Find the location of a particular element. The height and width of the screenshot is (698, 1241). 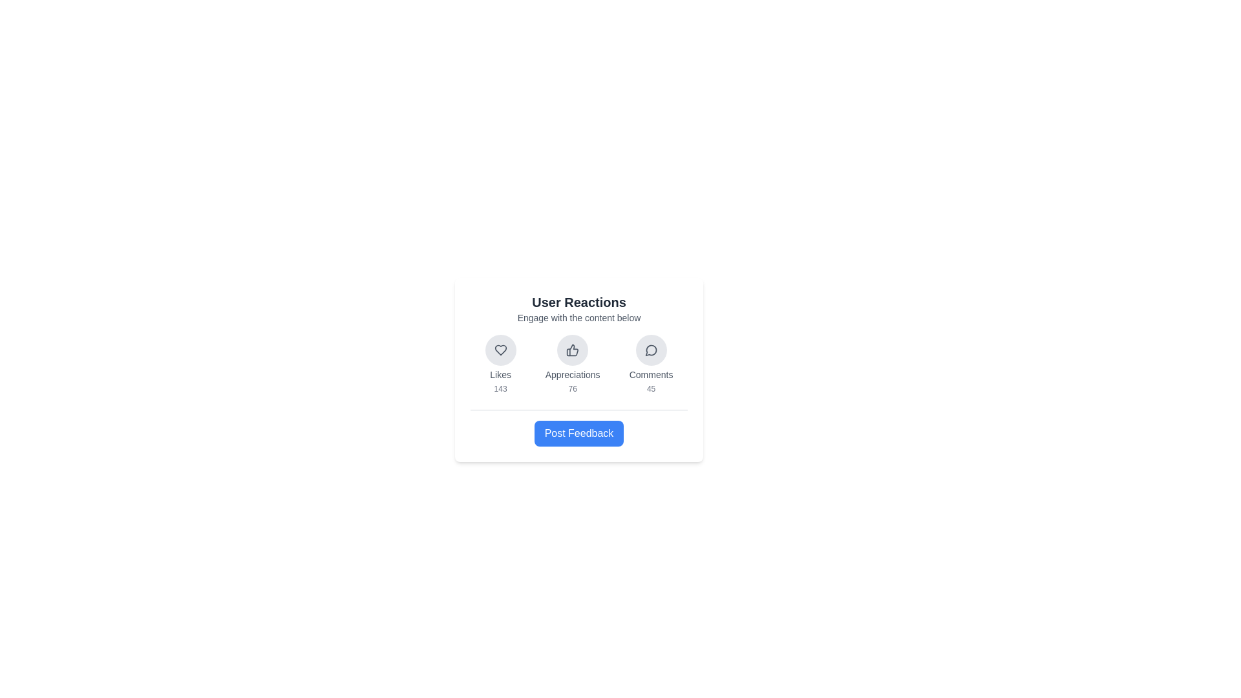

the 'Comments' text label, which is located at the bottom of a vertical stack in the 'Comments' interaction section, between a comment icon above and the count '45' below is located at coordinates (651, 374).